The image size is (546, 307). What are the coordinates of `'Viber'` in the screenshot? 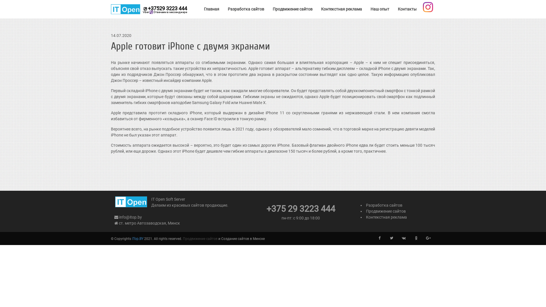 It's located at (151, 12).